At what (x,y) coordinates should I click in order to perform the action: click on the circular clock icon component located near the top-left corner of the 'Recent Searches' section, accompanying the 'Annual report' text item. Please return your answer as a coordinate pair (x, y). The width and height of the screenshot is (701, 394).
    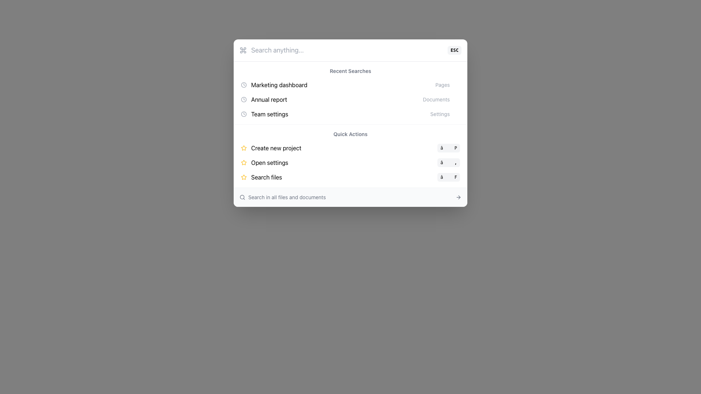
    Looking at the image, I should click on (244, 84).